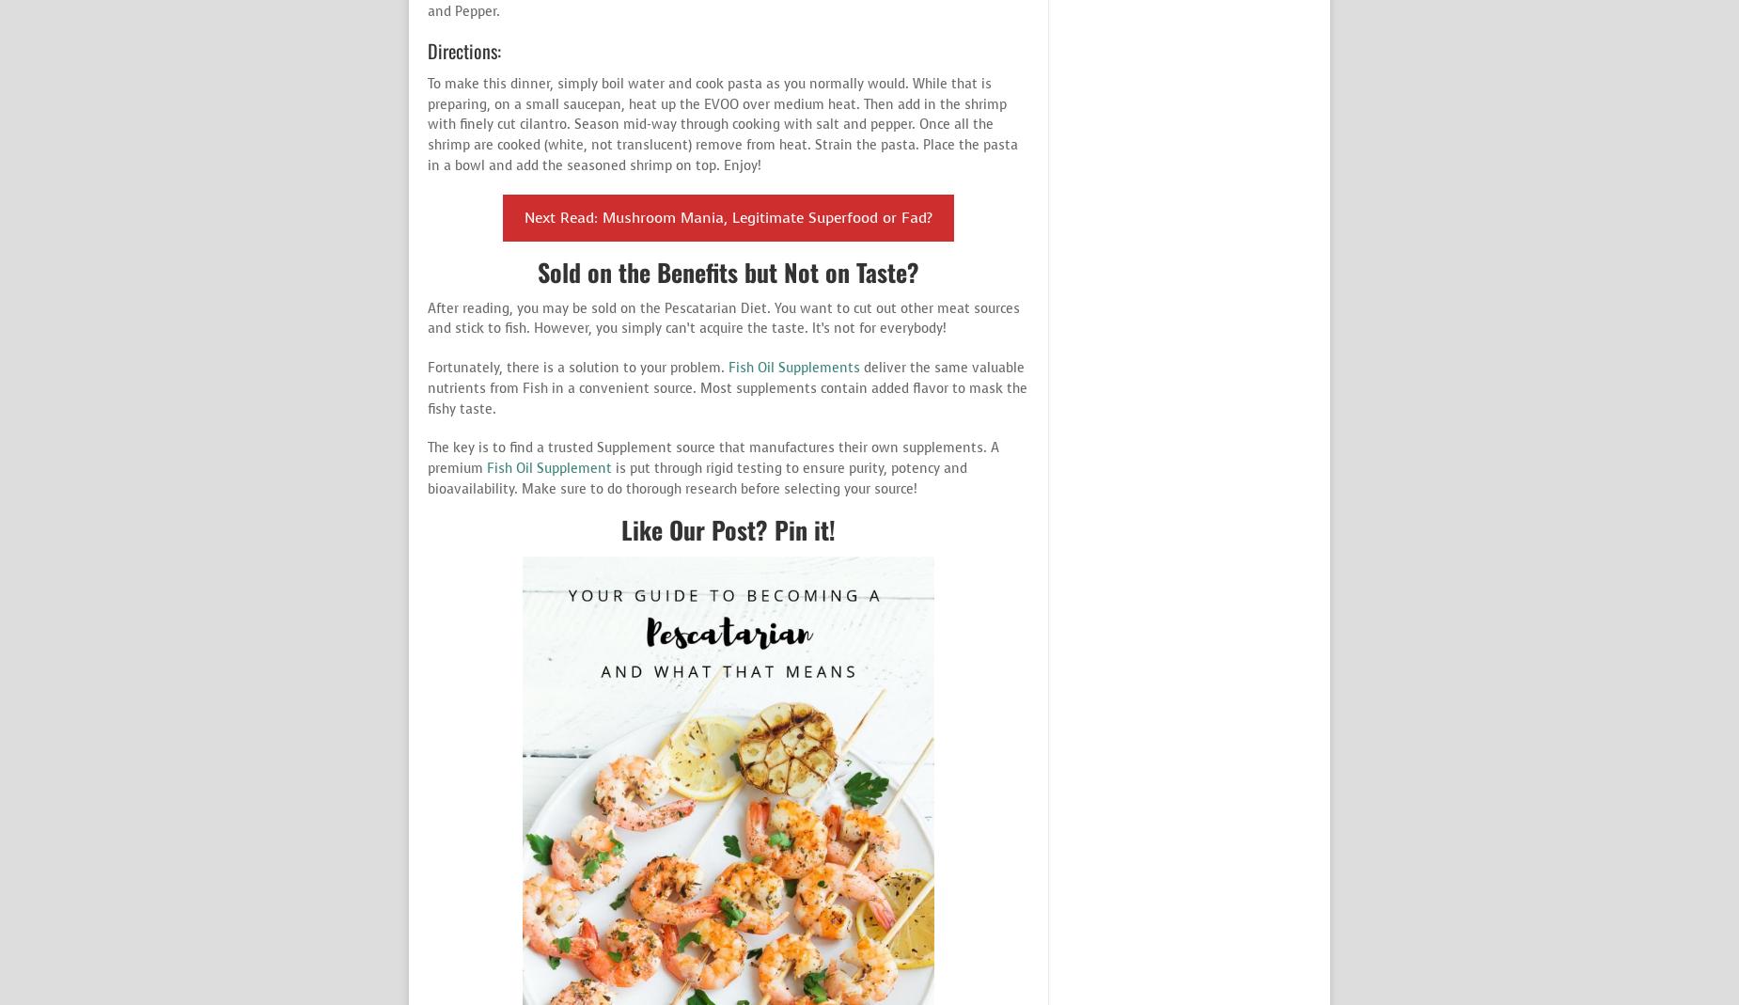 This screenshot has height=1005, width=1739. I want to click on 'After reading, you may be sold on the Pescatarian Diet. You want to cut out other meat sources and stick to fish. However, you simply can’t acquire the taste. It’s not for everybody!', so click(426, 318).